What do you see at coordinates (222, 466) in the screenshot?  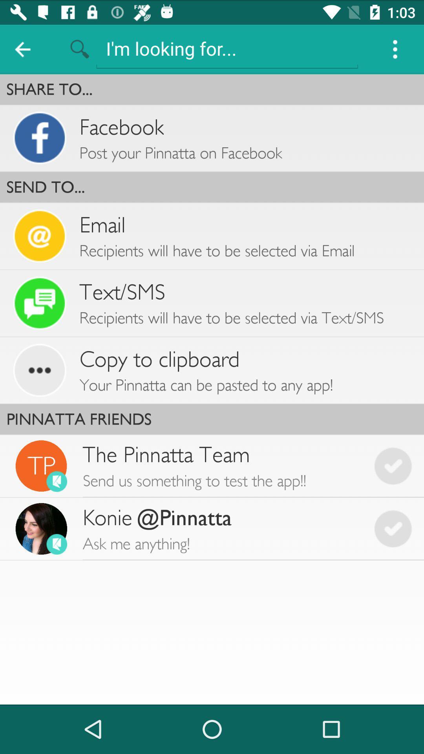 I see `the icon below pinnatta friends` at bounding box center [222, 466].